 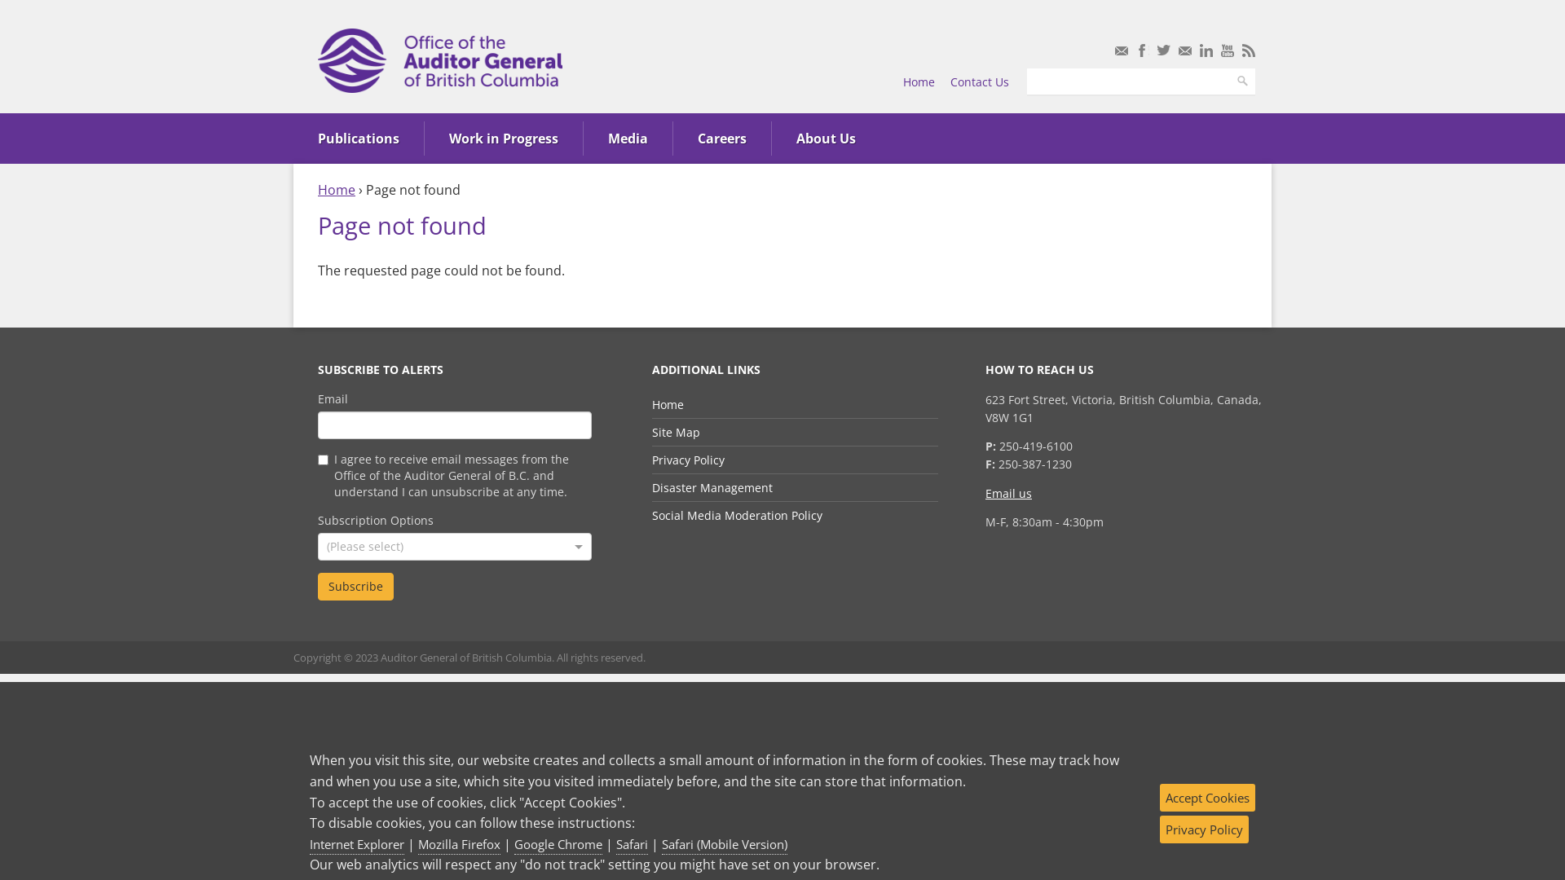 I want to click on 'Find us on Instagram', so click(x=1185, y=49).